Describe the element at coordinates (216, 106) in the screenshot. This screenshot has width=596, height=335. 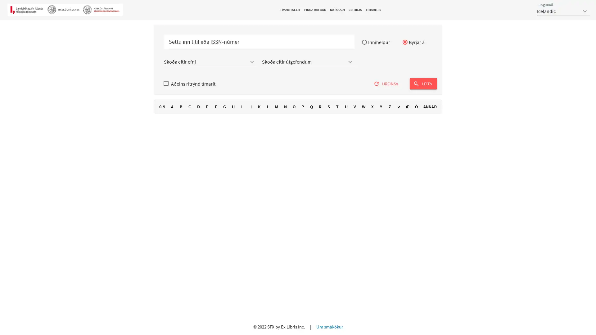
I see `F` at that location.